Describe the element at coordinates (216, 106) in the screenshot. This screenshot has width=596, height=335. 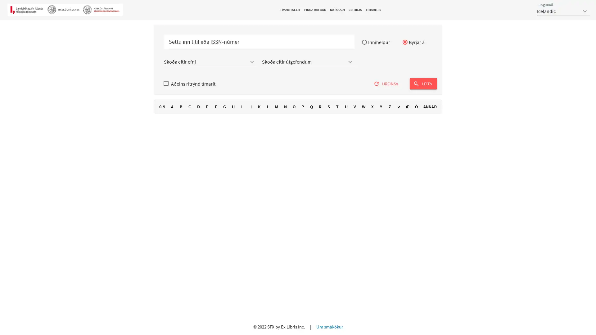
I see `F` at that location.